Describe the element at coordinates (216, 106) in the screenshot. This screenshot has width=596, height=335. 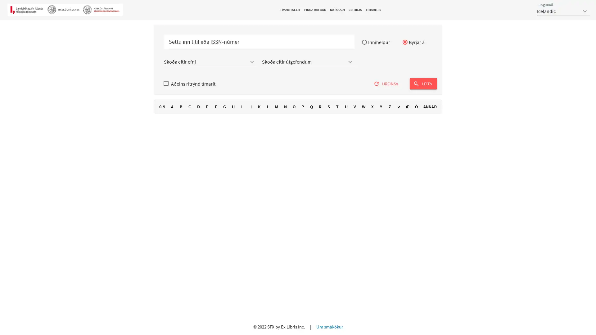
I see `F` at that location.